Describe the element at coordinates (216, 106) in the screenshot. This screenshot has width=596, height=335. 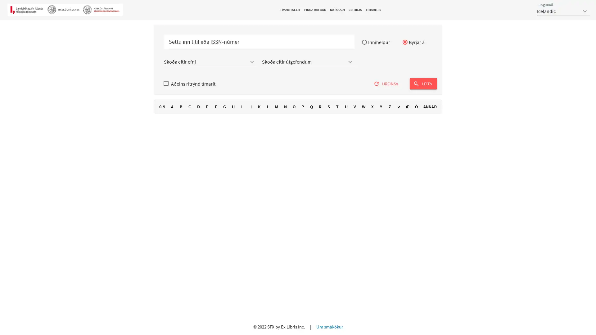
I see `F` at that location.